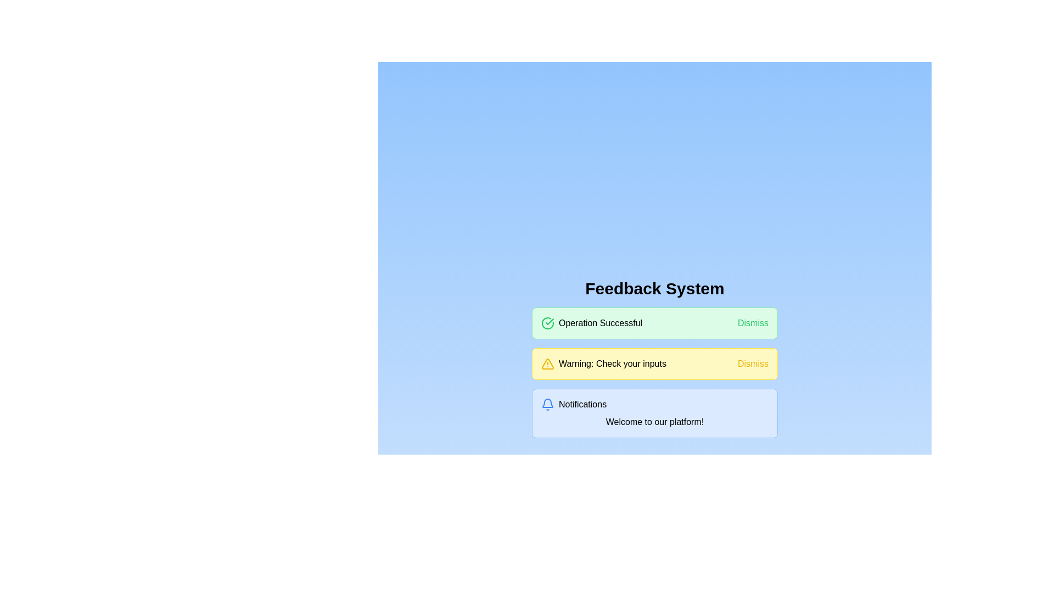 Image resolution: width=1054 pixels, height=593 pixels. I want to click on the 'Notifications' label, which displays the word 'Notifications' in a standard sans-serif font, located in the light blue notification panel immediately to the right of a bell icon, so click(582, 404).